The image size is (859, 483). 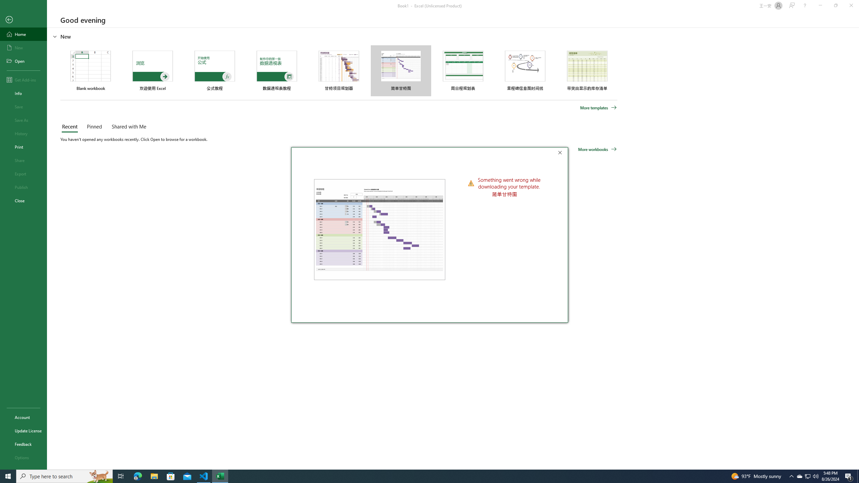 What do you see at coordinates (562, 153) in the screenshot?
I see `'Close'` at bounding box center [562, 153].